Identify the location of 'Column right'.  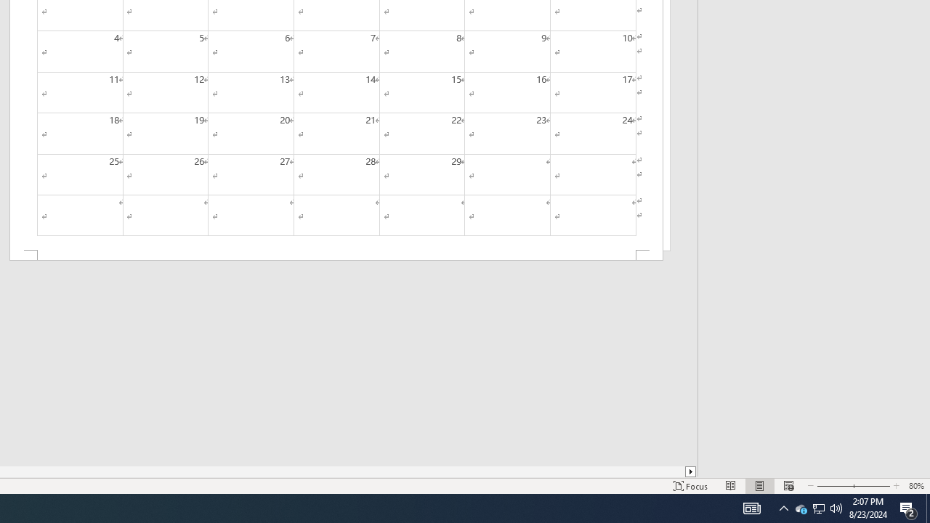
(690, 471).